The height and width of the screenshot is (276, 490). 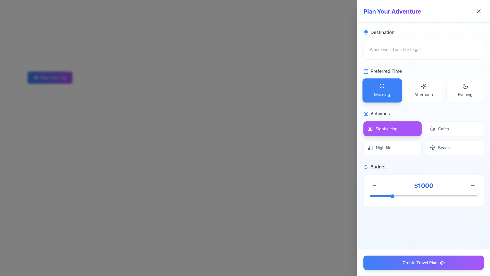 What do you see at coordinates (386, 129) in the screenshot?
I see `the 'Sightseeing' button in the 'Activities' section` at bounding box center [386, 129].